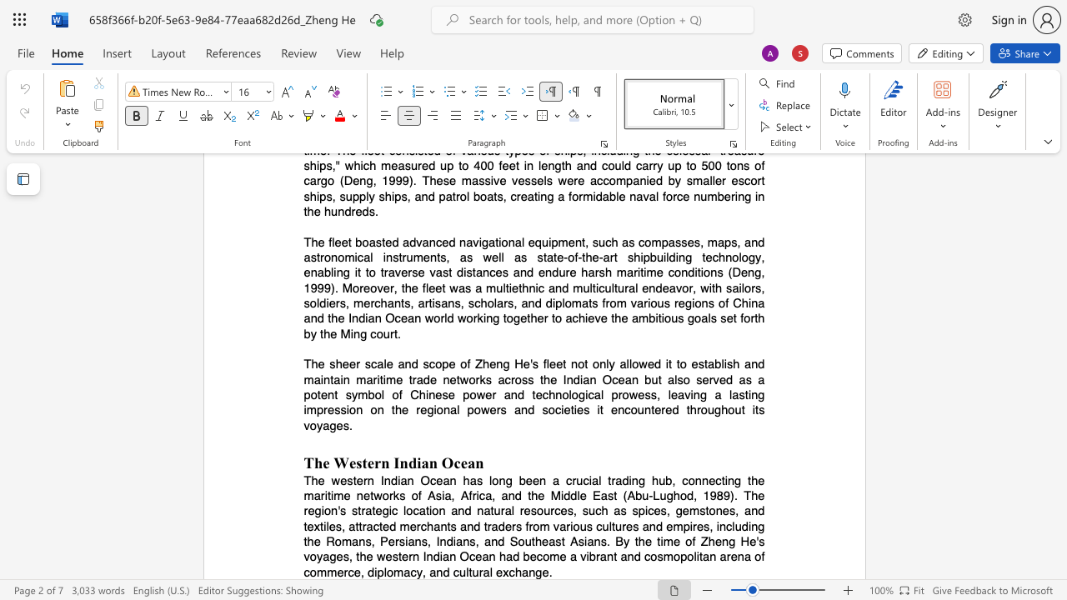  I want to click on the subset text "ce, diplomacy, an" within the text "voyages, the western Indian Ocean had become a vibrant and cosmopolitan arena of commerce, diplomacy, and cultural exchange.", so click(347, 571).